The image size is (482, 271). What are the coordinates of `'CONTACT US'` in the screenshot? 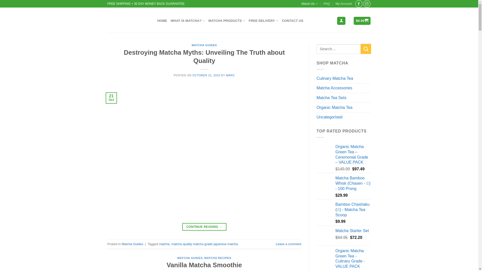 It's located at (282, 21).